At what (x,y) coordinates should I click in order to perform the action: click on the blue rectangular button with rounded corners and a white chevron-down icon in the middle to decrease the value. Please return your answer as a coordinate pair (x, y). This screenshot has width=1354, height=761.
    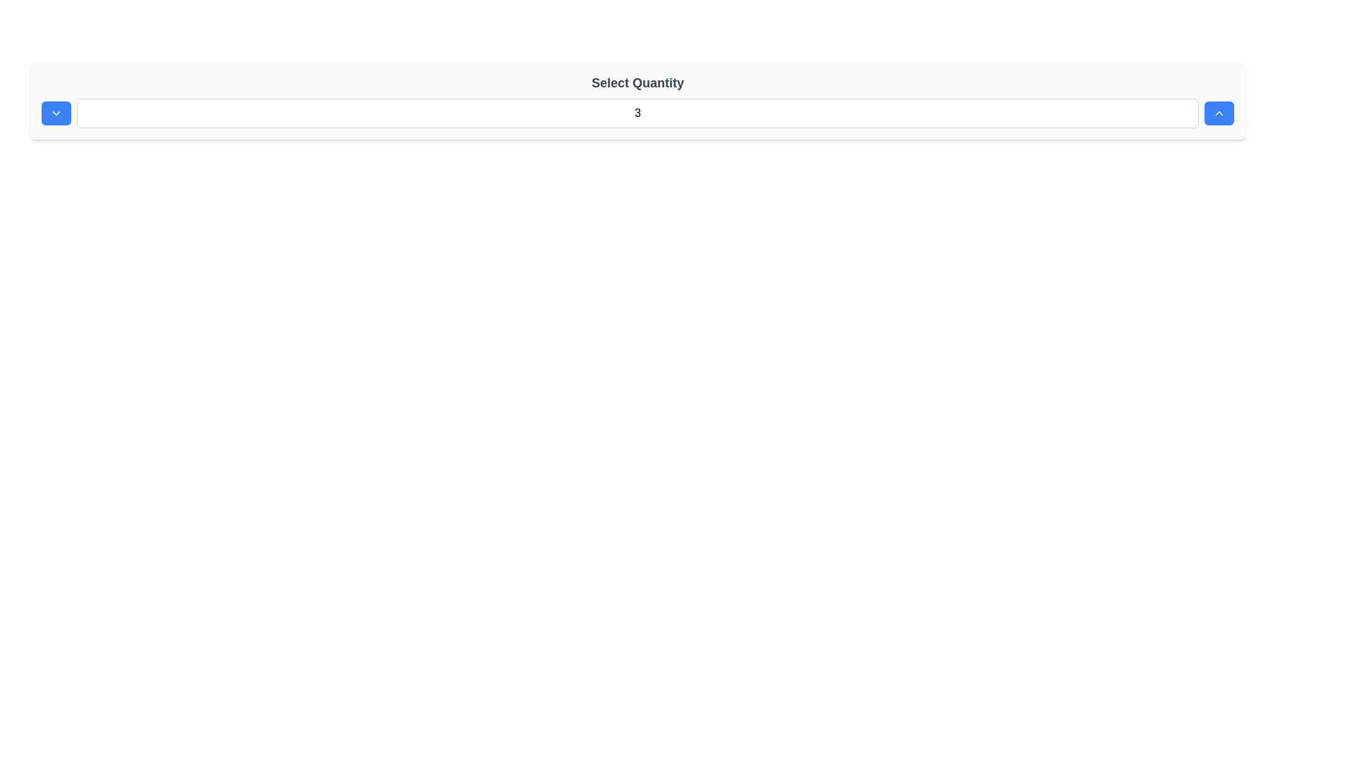
    Looking at the image, I should click on (56, 113).